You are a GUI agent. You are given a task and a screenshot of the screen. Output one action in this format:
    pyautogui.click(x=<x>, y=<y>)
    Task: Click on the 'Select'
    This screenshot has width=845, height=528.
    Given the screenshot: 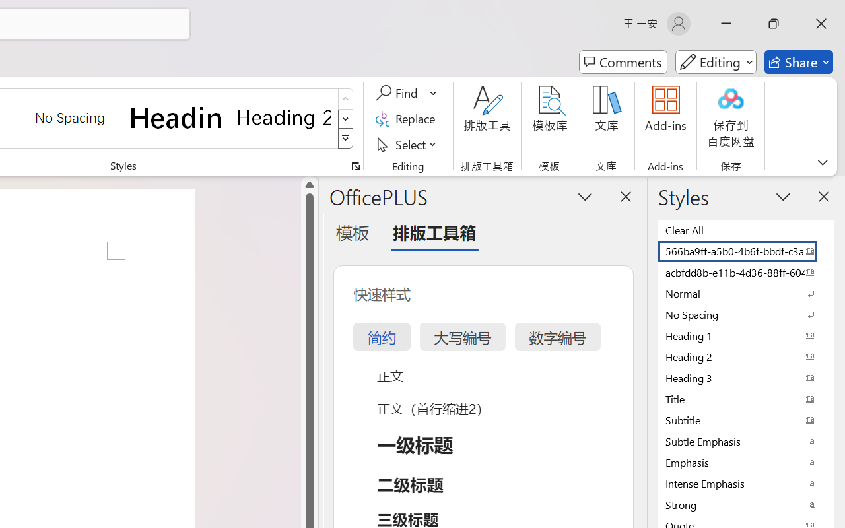 What is the action you would take?
    pyautogui.click(x=407, y=144)
    